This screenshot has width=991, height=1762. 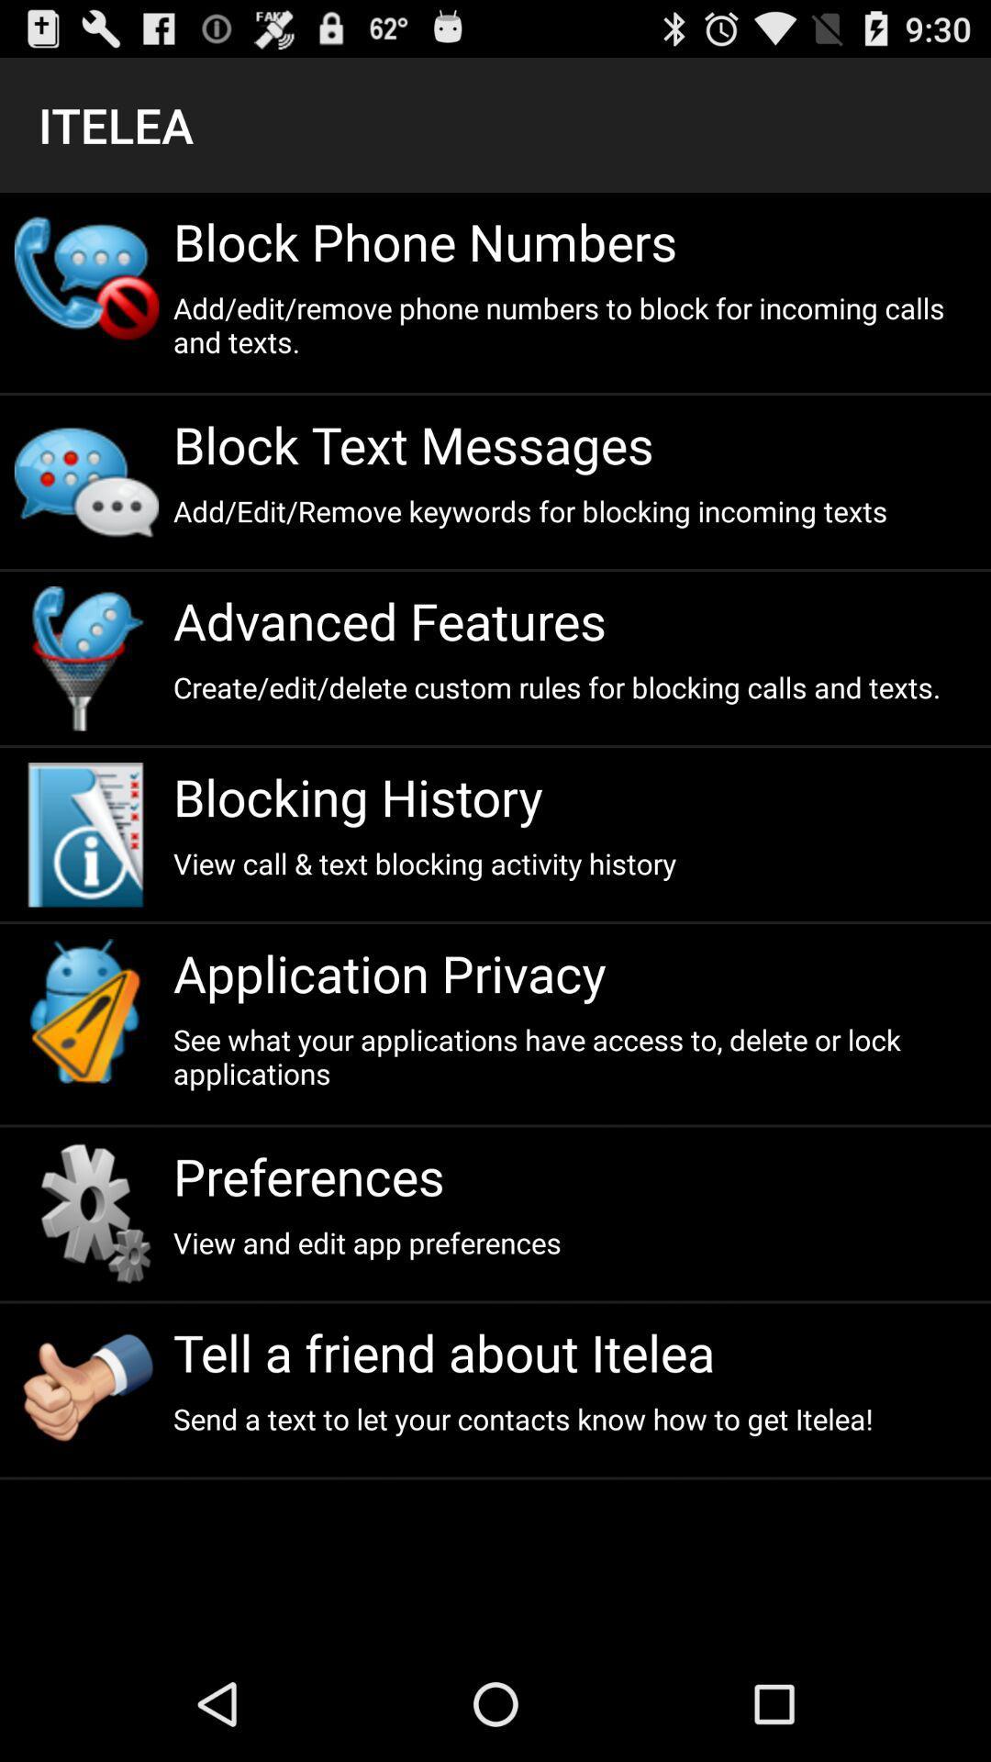 I want to click on the app above send a text icon, so click(x=573, y=1352).